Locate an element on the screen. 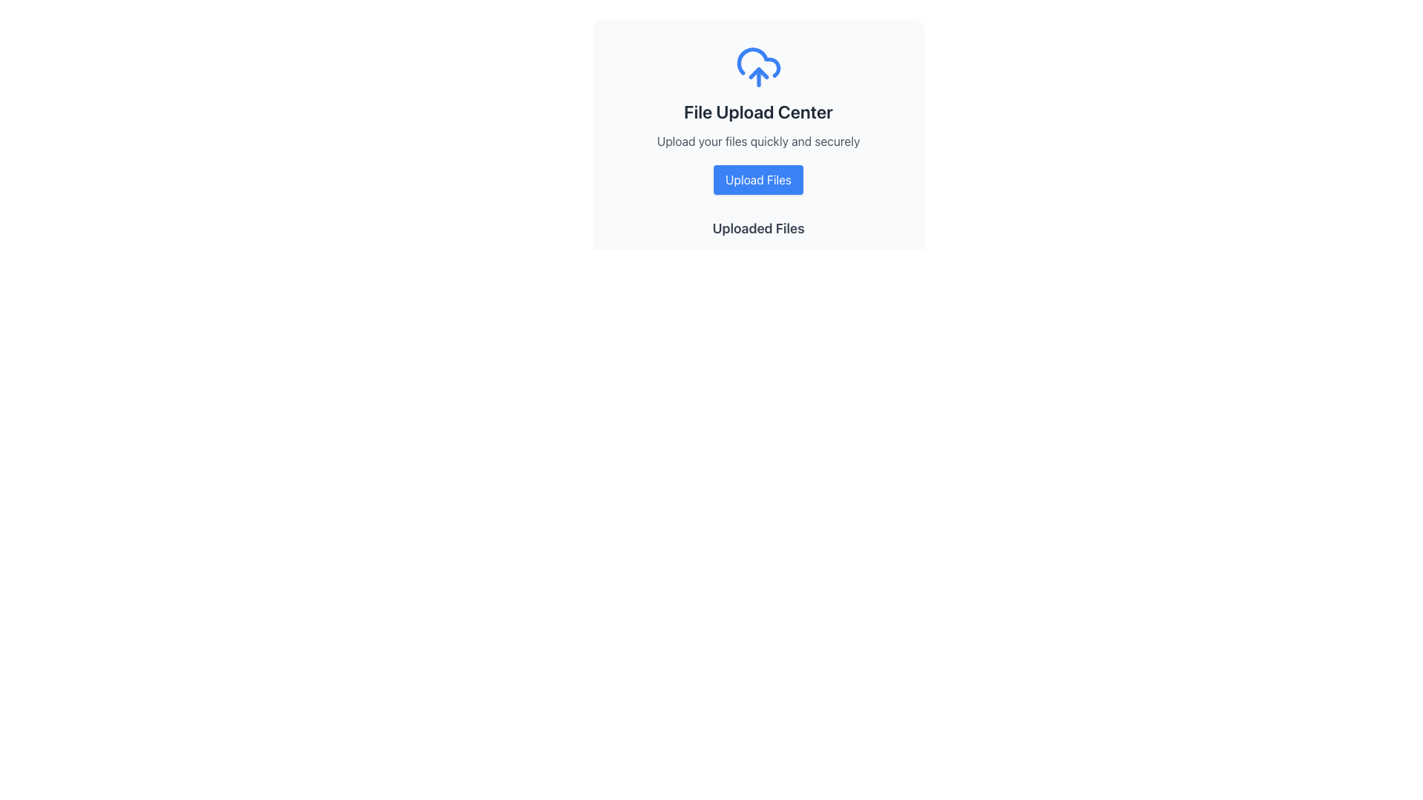  the 'Upload Files' button with white text on a blue background is located at coordinates (758, 179).